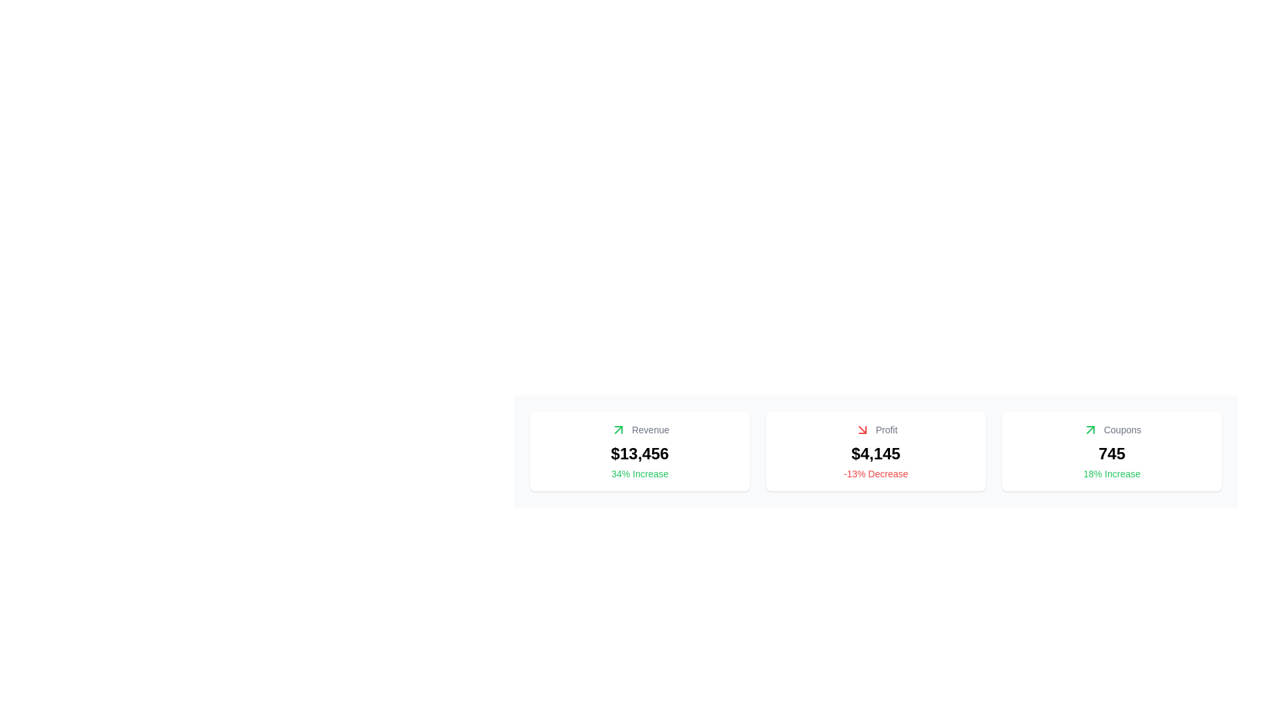 This screenshot has width=1280, height=720. Describe the element at coordinates (640, 473) in the screenshot. I see `the static text label displaying '34% Increase', which is styled in a green font and indicates positive growth within a revenue data card` at that location.